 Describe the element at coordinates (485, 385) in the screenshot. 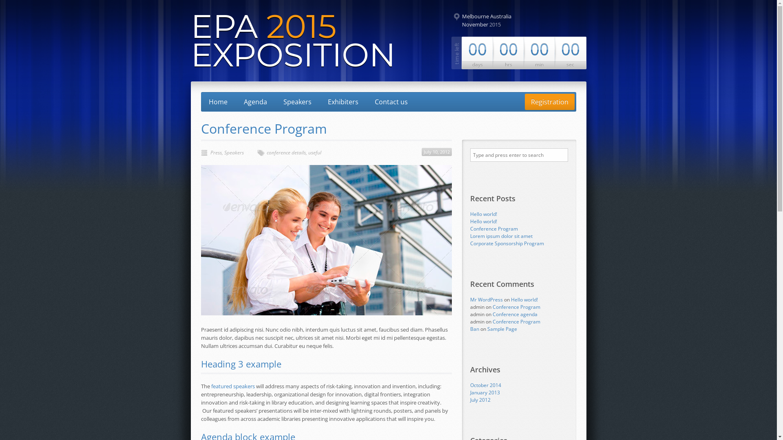

I see `'October 2014'` at that location.